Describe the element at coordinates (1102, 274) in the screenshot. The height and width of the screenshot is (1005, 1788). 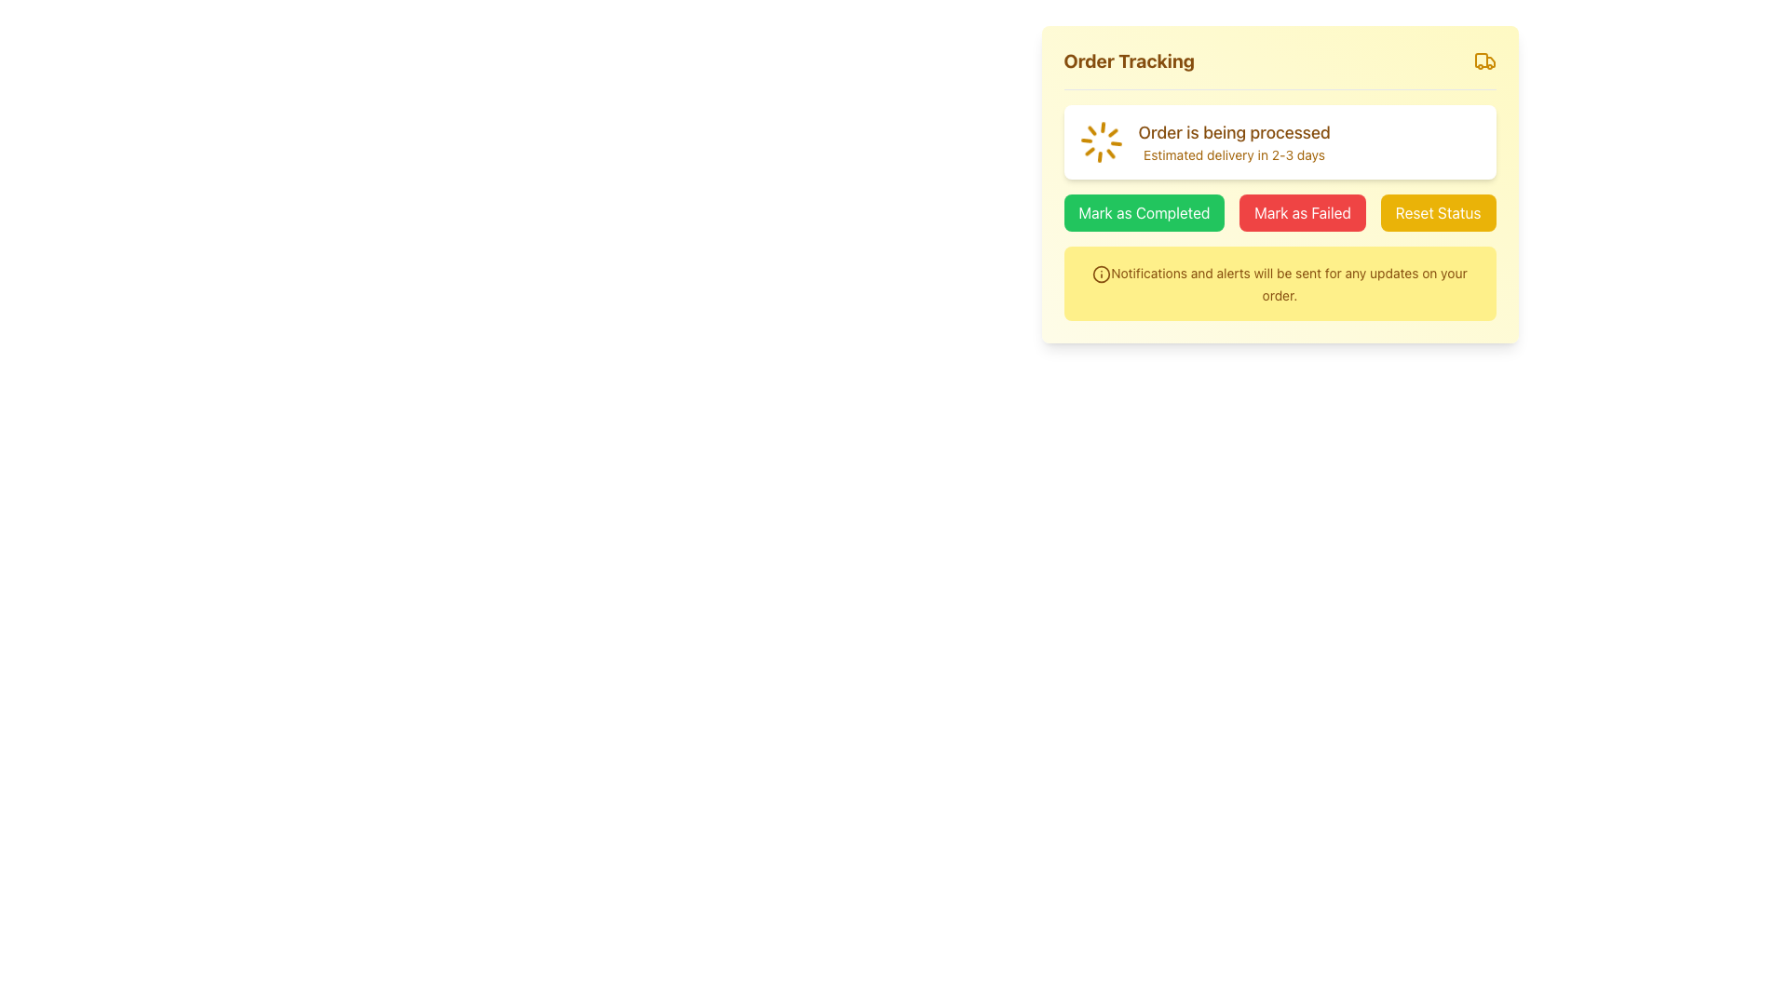
I see `the information icon located at the top-left corner of the yellow notification box in the order tracking panel` at that location.